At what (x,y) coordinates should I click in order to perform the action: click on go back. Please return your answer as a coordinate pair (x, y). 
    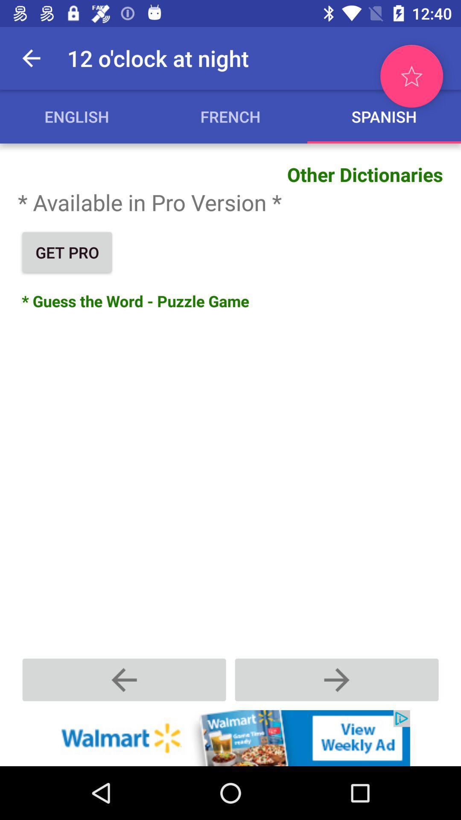
    Looking at the image, I should click on (124, 679).